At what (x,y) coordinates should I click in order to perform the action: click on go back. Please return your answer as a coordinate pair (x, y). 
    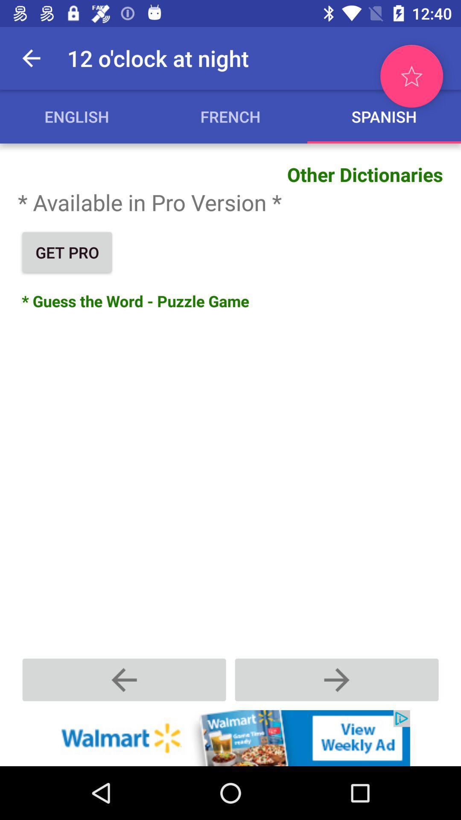
    Looking at the image, I should click on (124, 679).